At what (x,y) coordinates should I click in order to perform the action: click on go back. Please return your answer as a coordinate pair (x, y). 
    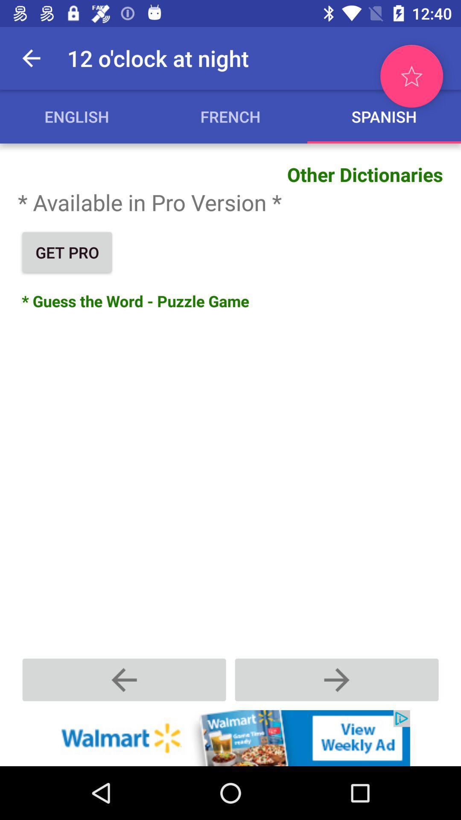
    Looking at the image, I should click on (124, 679).